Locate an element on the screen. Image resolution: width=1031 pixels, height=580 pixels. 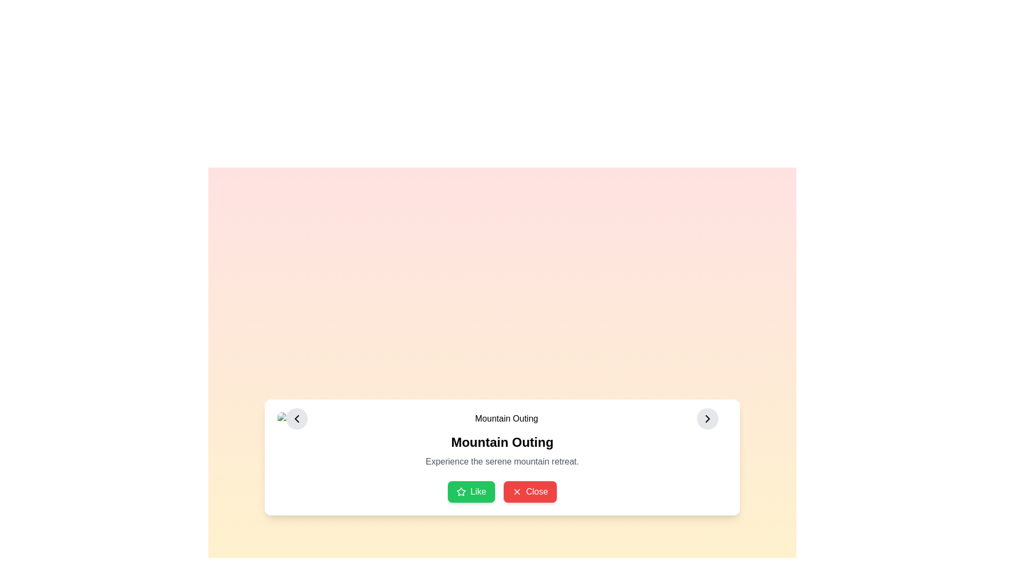
the SVG component forming part of the 'X' icon, which is styled for a closing action, located in the top-right corner of the card titled 'Mountain Outing' is located at coordinates (517, 491).